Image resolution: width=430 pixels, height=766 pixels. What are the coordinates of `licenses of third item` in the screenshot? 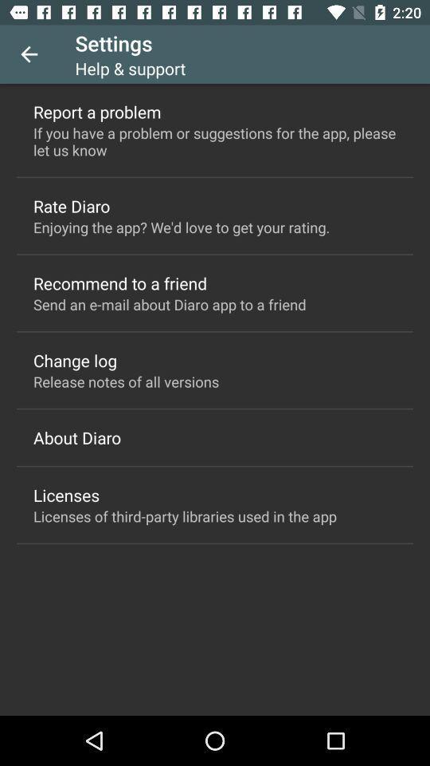 It's located at (184, 515).